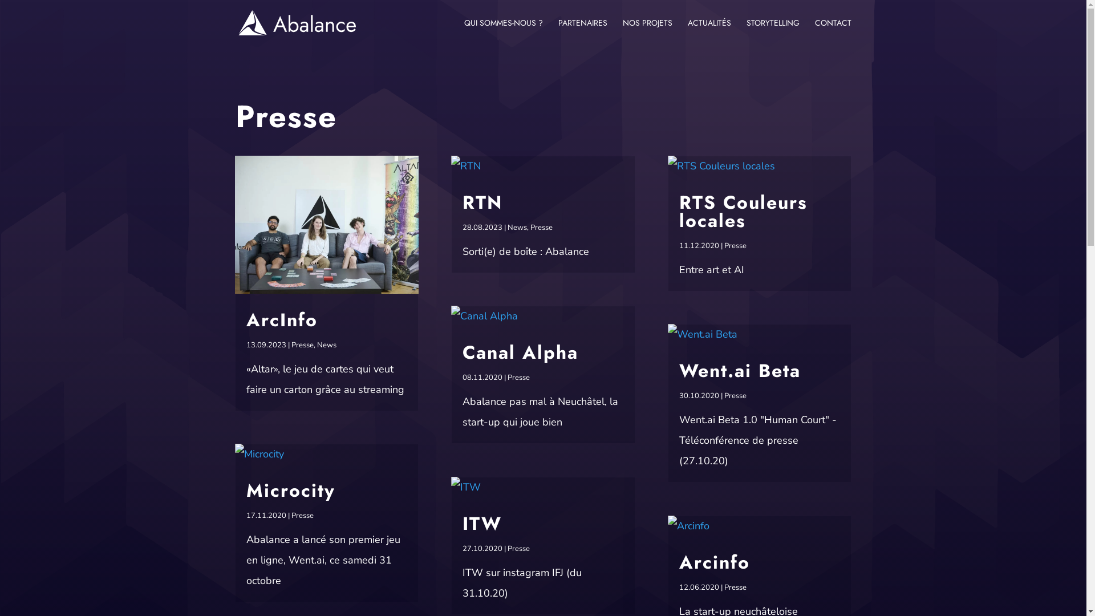  Describe the element at coordinates (503, 31) in the screenshot. I see `'QUI SOMMES-NOUS ?'` at that location.